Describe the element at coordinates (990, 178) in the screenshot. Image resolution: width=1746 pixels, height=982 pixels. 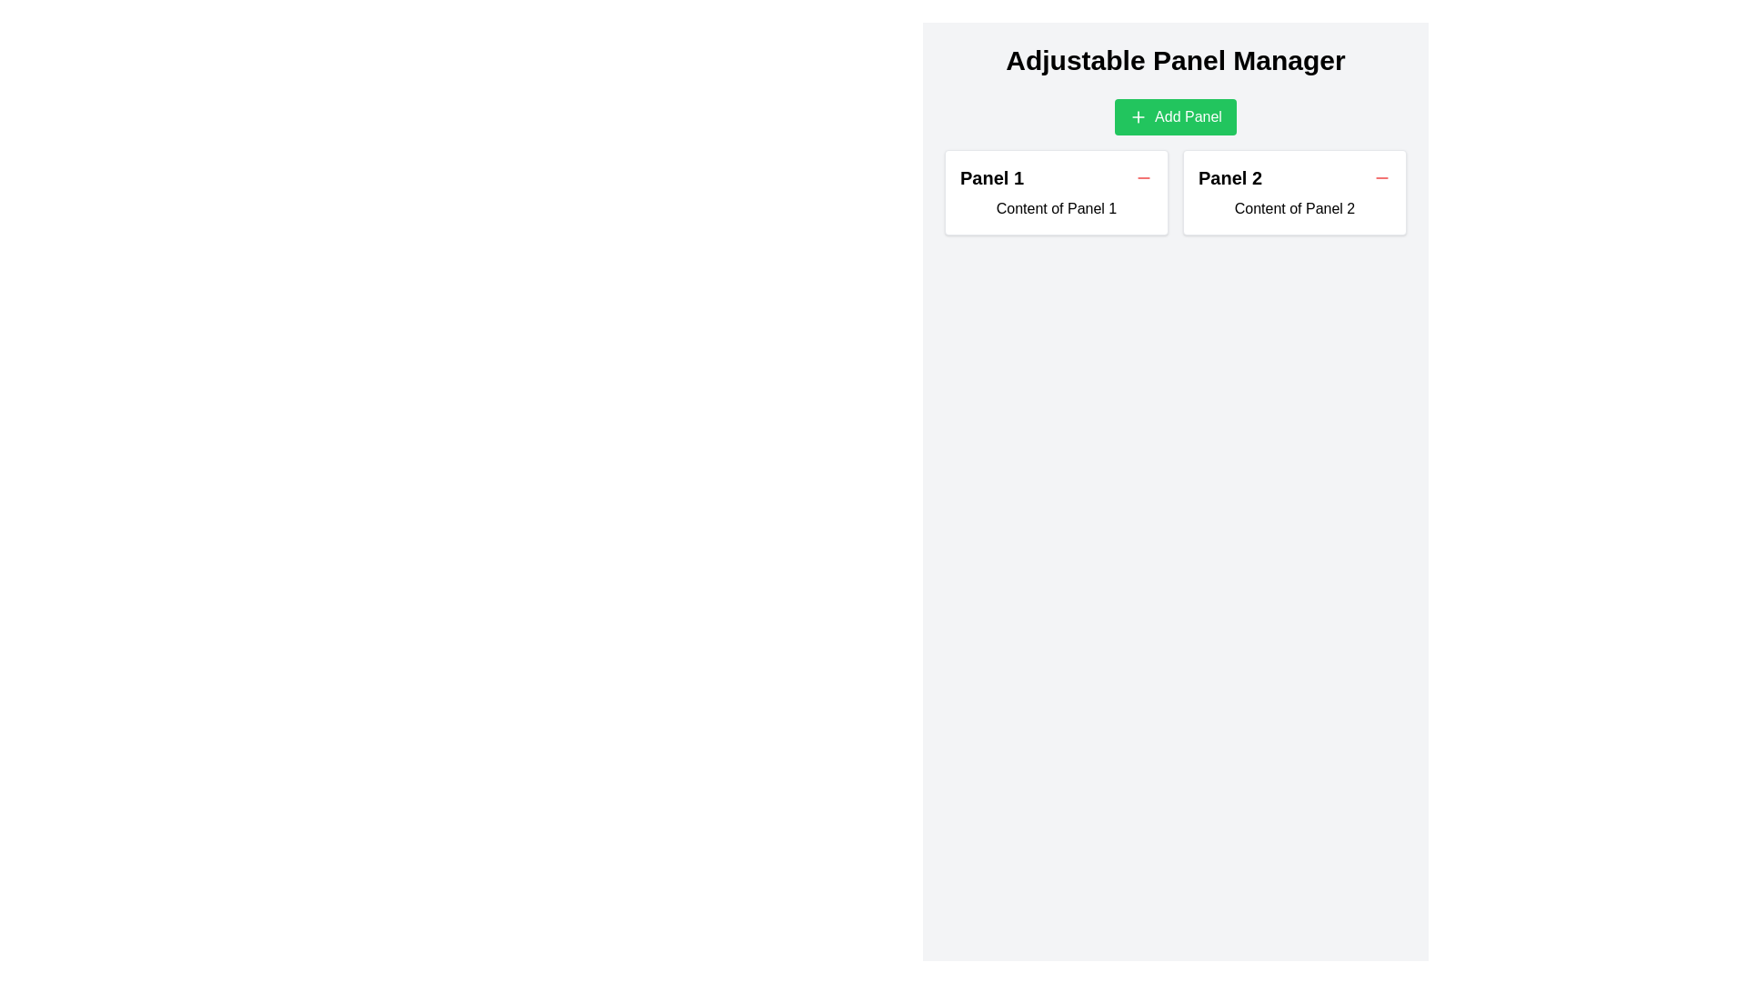
I see `text content of the header label located near the top-left corner of the first panel, which is to the left of a small interactive button in the leftmost panel of a two-panel layout` at that location.